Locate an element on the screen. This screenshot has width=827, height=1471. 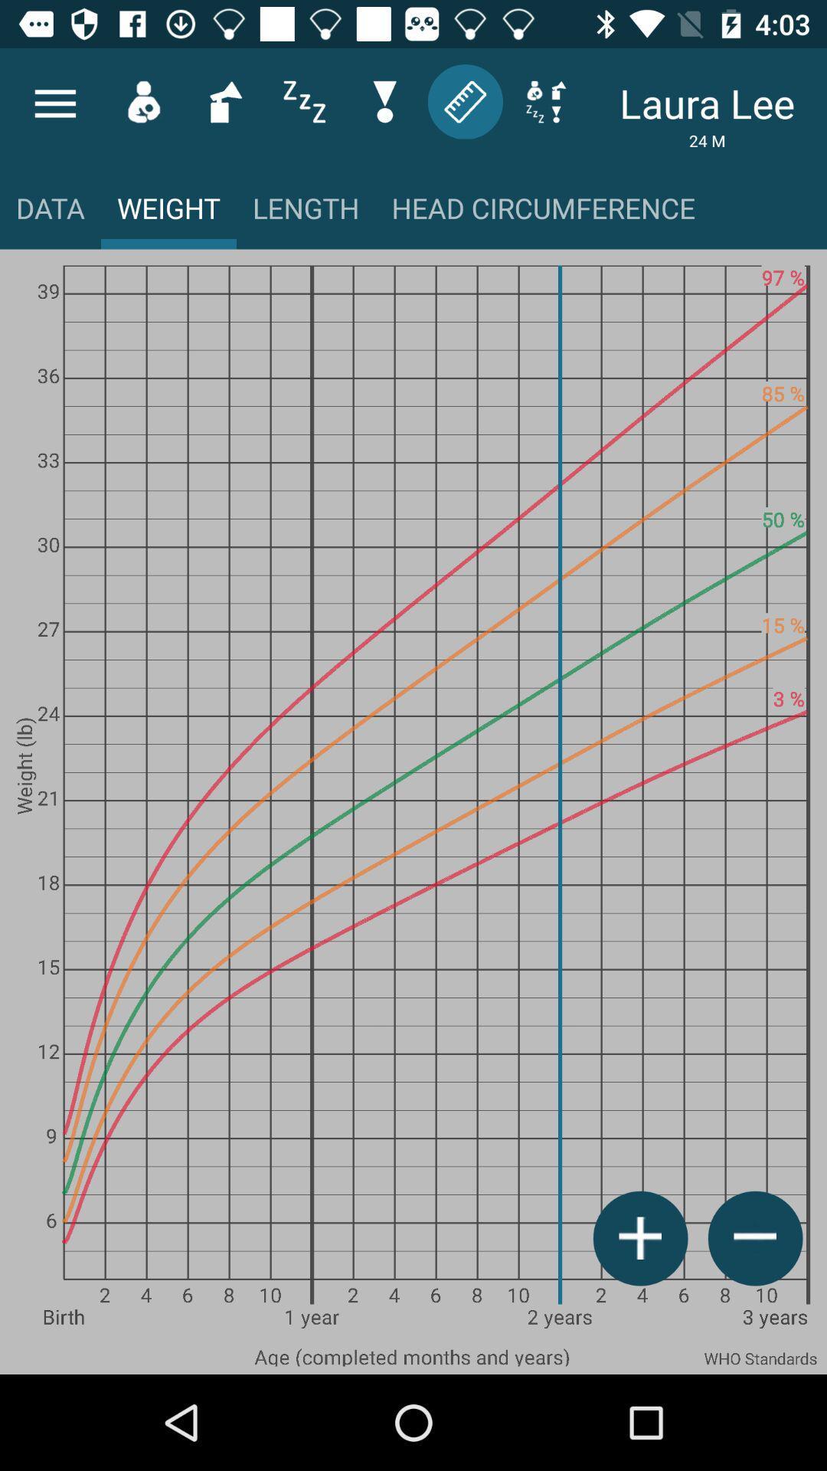
the menu icon is located at coordinates (54, 103).